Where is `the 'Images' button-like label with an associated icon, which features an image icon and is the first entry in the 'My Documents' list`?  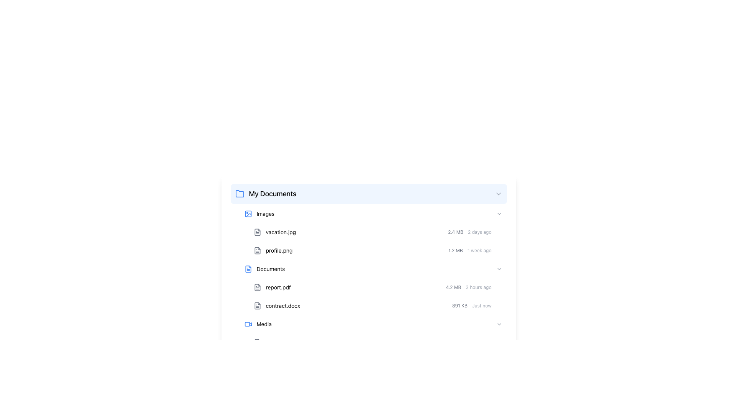
the 'Images' button-like label with an associated icon, which features an image icon and is the first entry in the 'My Documents' list is located at coordinates (259, 214).